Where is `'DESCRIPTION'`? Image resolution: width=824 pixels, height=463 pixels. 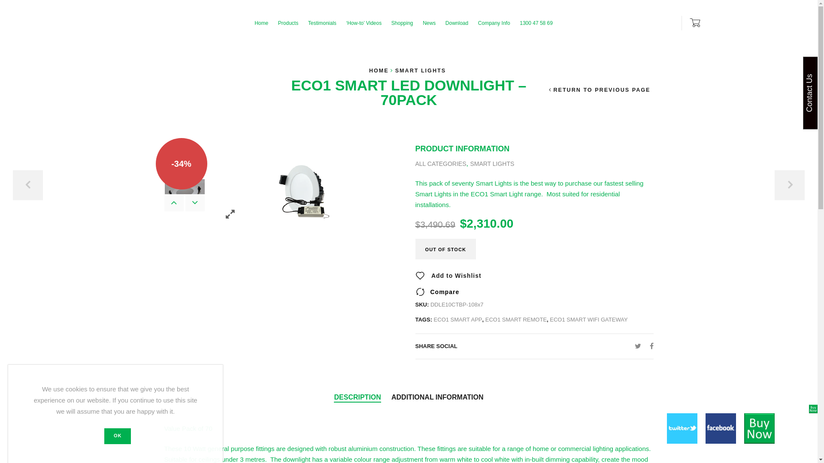 'DESCRIPTION' is located at coordinates (357, 397).